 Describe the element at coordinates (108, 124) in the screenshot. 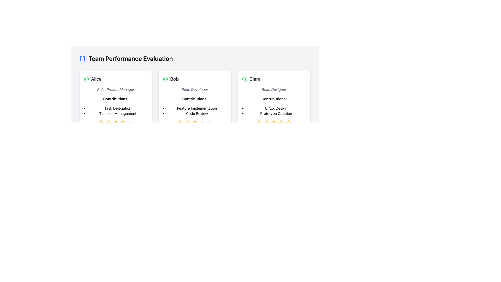

I see `the yellow star icon, which is the third star in a row of five under the 'Alice' section of the Team Performance Evaluation panel` at that location.